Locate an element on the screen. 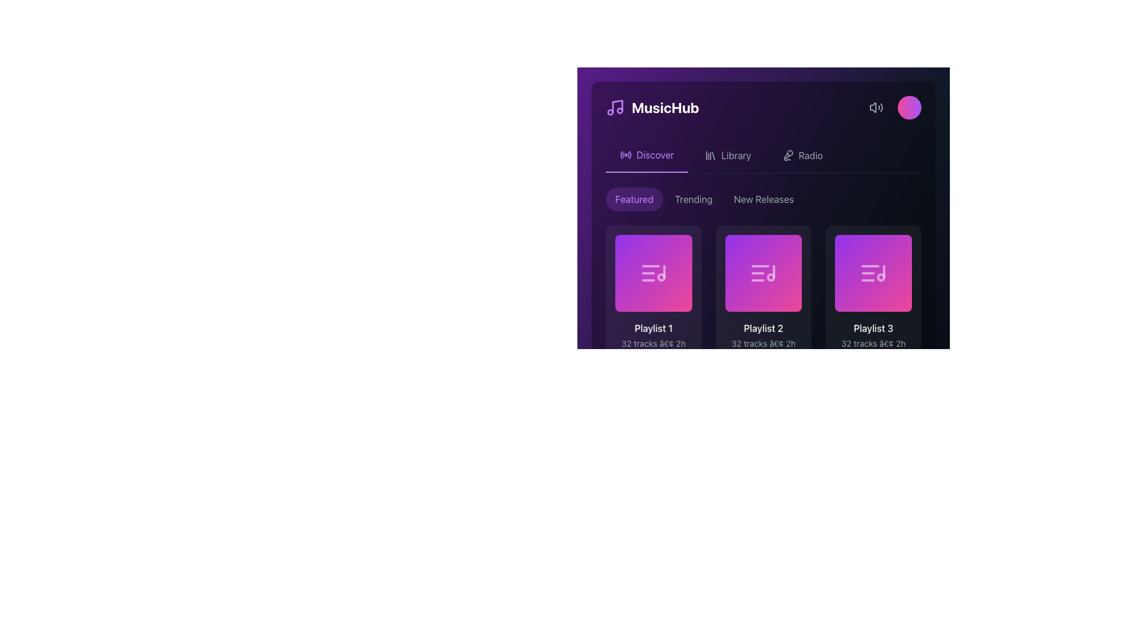 This screenshot has height=639, width=1137. the musical note icon, which is styled in purple tones and located next to the text 'MusicHub' on the top-left of the interface is located at coordinates (615, 107).